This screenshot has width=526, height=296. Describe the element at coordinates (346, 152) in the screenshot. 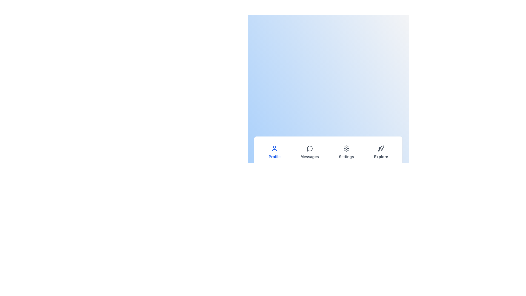

I see `the tab labeled Settings to observe the hover effect` at that location.